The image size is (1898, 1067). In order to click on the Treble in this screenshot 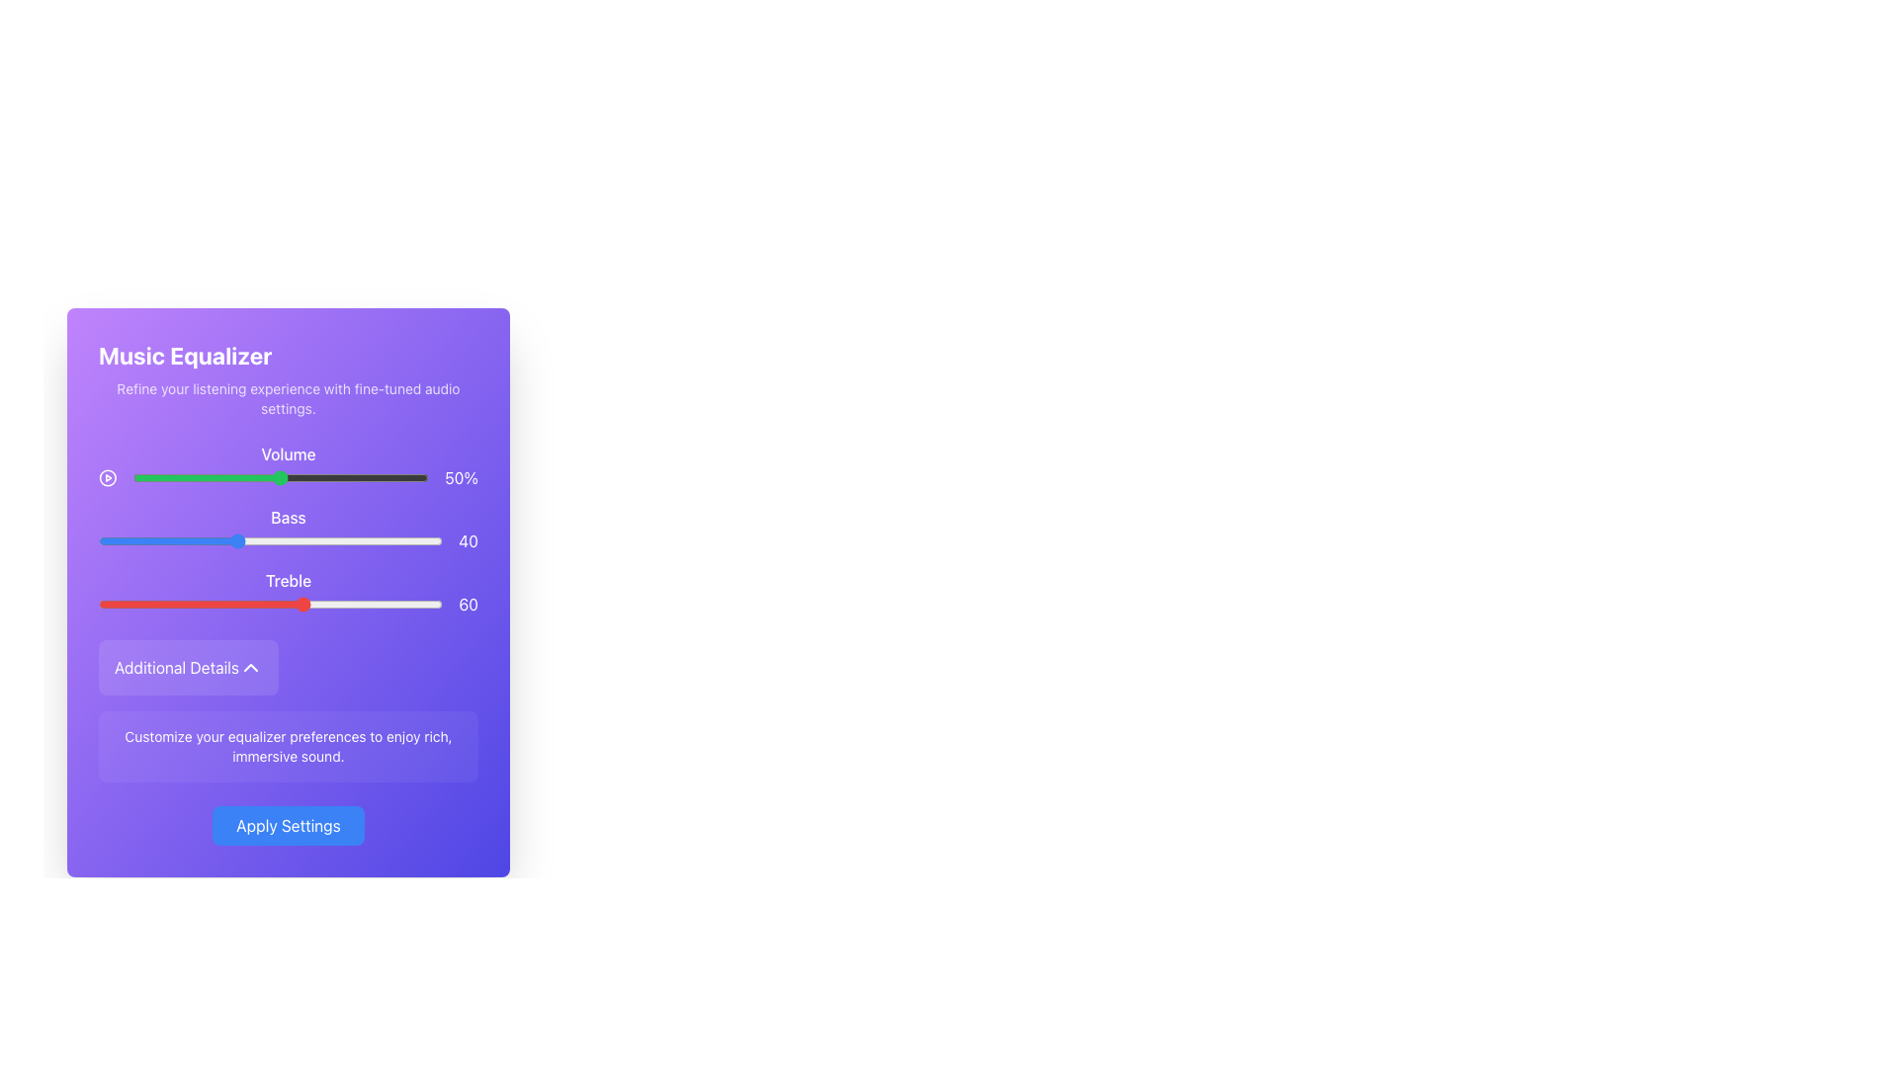, I will do `click(138, 604)`.